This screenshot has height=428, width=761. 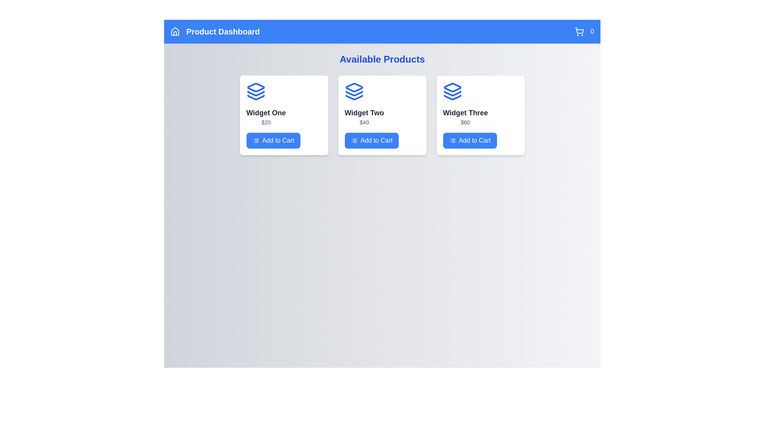 What do you see at coordinates (465, 117) in the screenshot?
I see `the text display that shows the name and price of the product in the third card of the 'Available Products' section, located above the 'Add to Cart' button` at bounding box center [465, 117].